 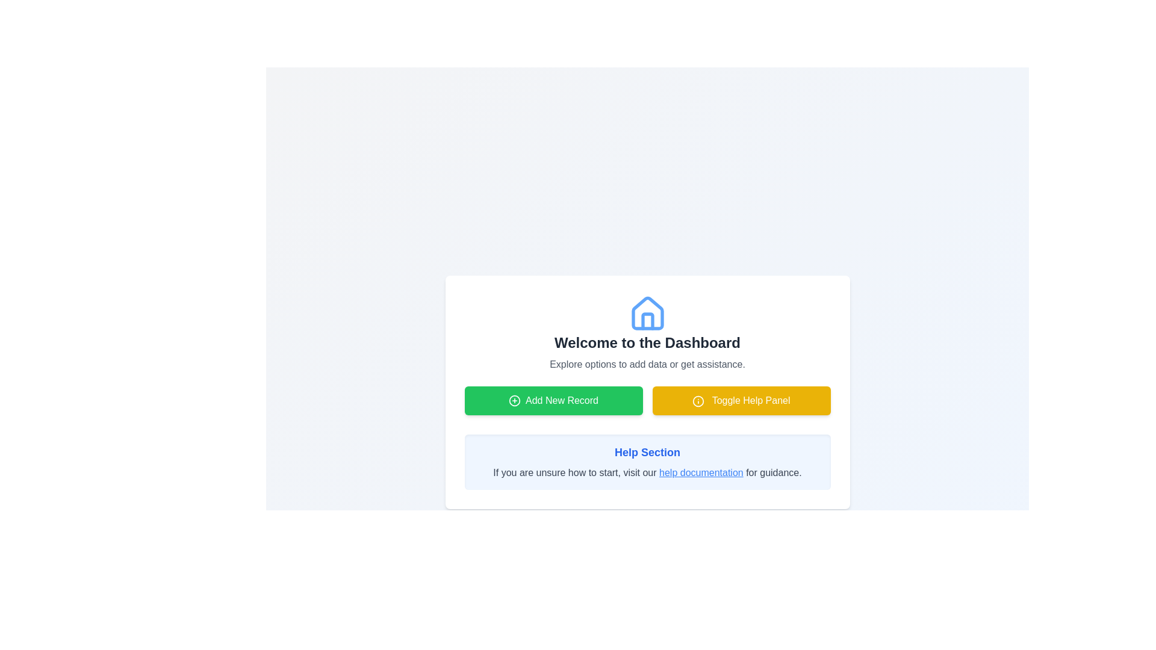 What do you see at coordinates (553, 401) in the screenshot?
I see `the green button labeled 'Add New Record' with a plus icon` at bounding box center [553, 401].